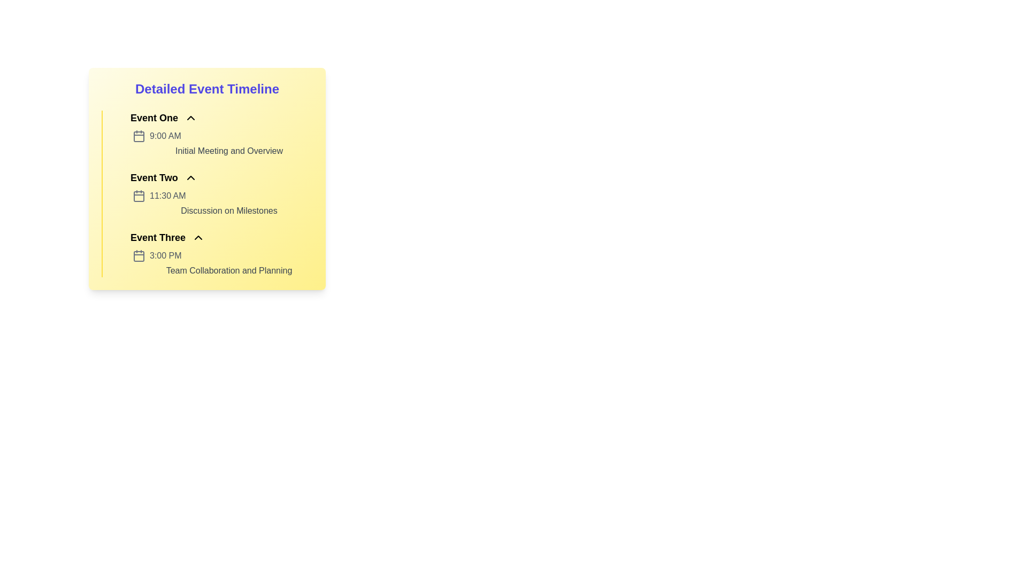 The width and height of the screenshot is (1027, 577). I want to click on the Event detail block containing the time '11:30 AM' and description 'Discussion on Milestones' to associate it with the Event Two section, so click(222, 204).